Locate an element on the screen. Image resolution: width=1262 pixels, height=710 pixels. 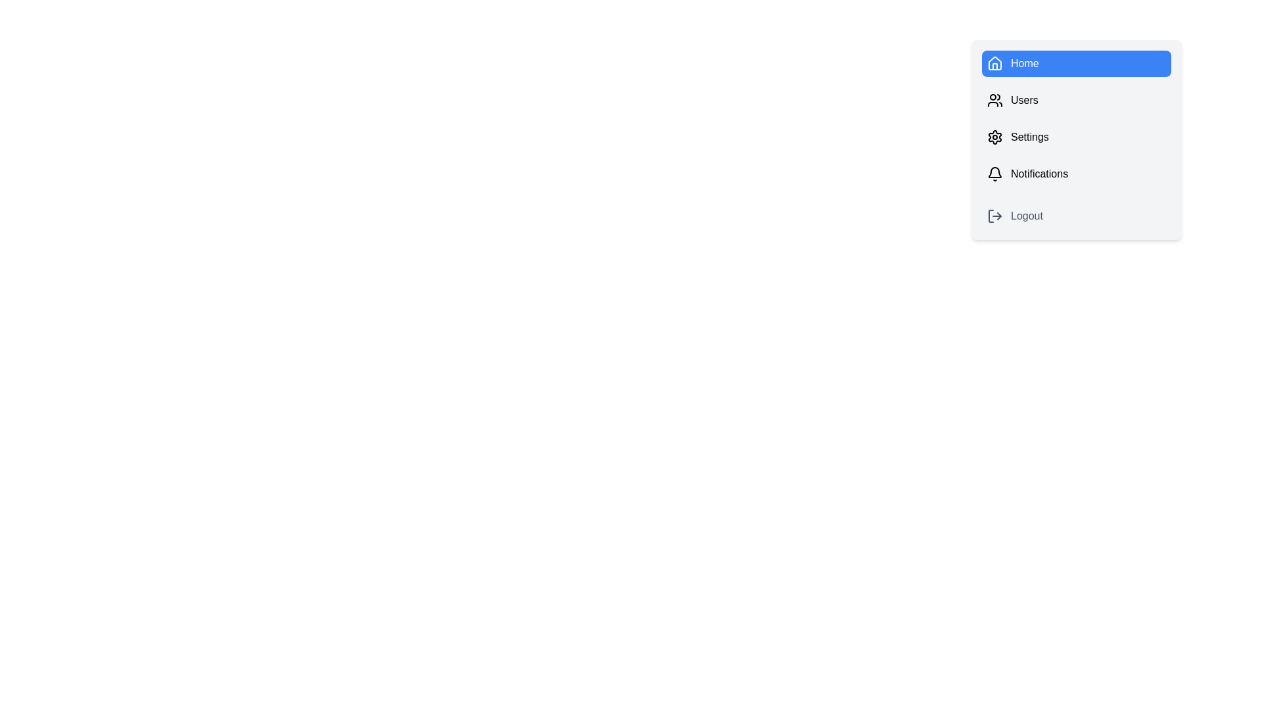
a row in the vertical navigation menu located in the right section of the interface is located at coordinates (1076, 139).